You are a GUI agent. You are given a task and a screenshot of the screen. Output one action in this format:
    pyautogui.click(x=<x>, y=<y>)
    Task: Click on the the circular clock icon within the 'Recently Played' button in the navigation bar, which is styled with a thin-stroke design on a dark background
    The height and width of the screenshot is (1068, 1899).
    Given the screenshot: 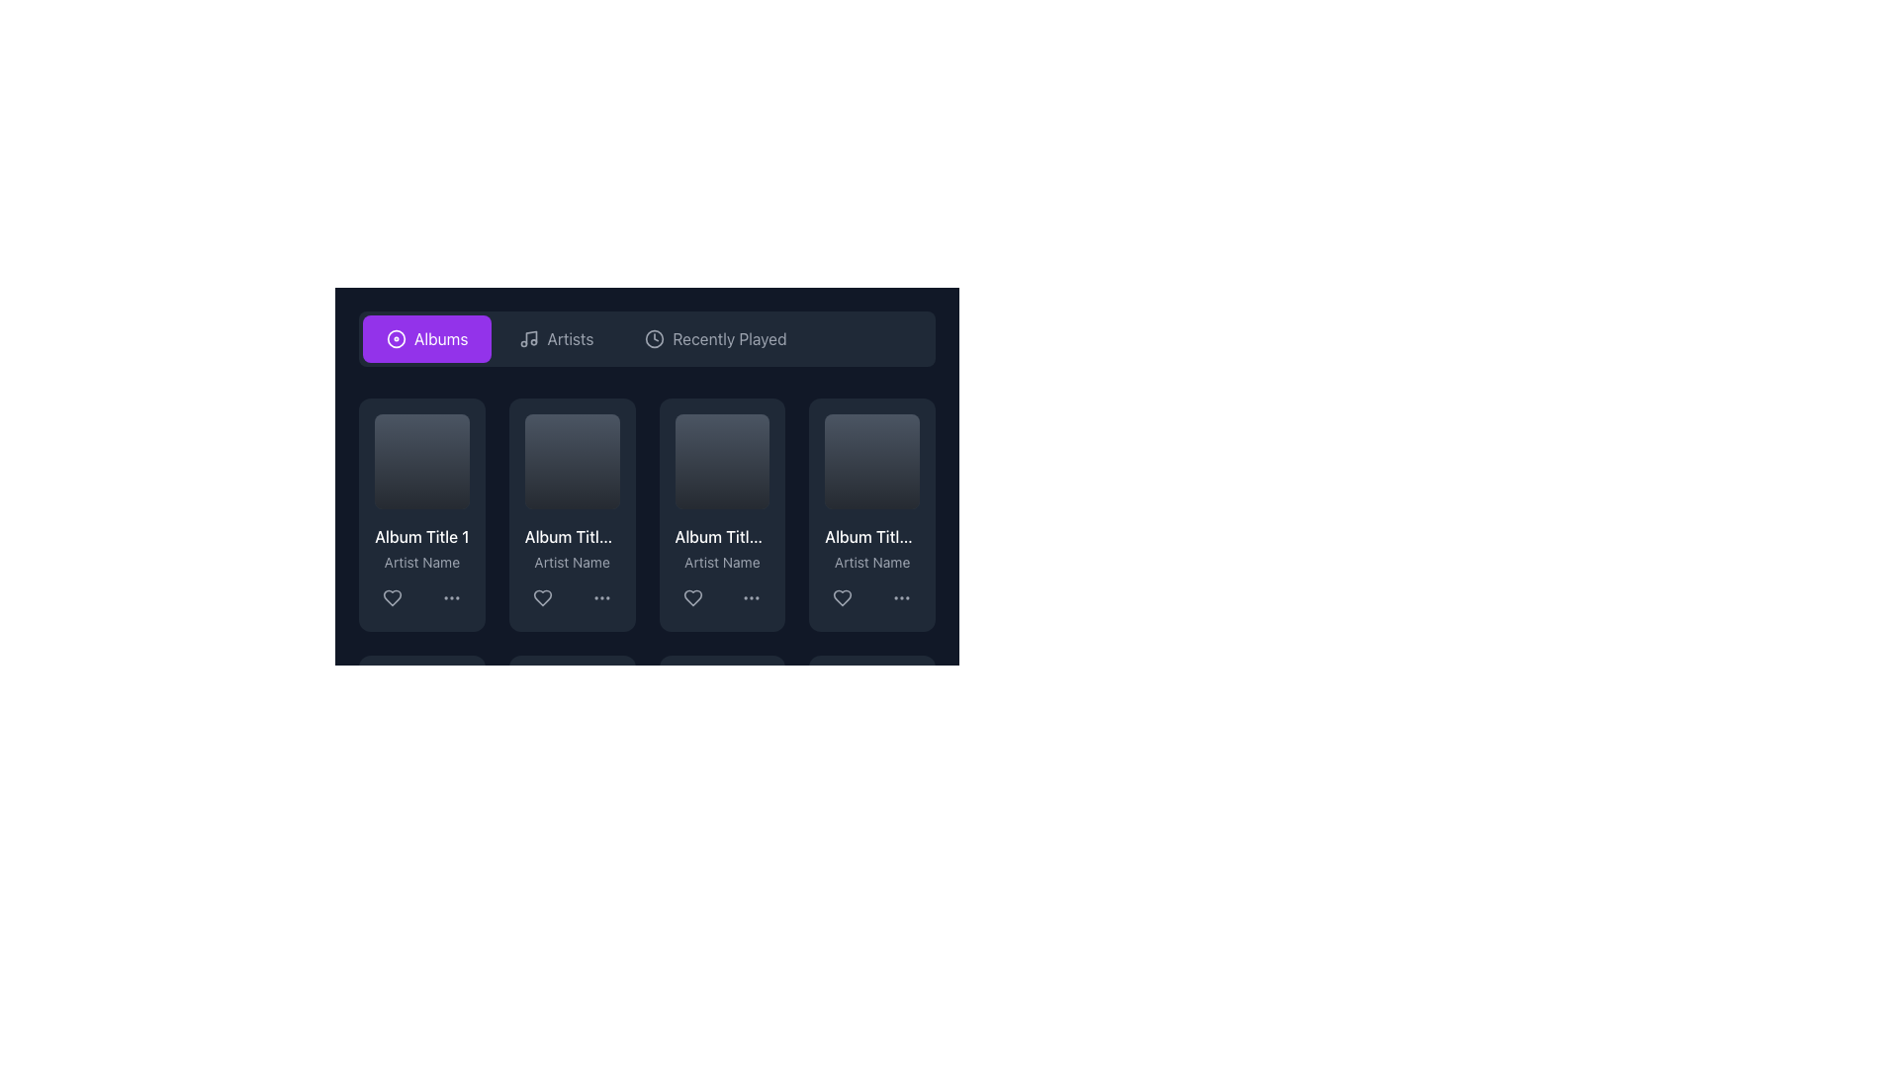 What is the action you would take?
    pyautogui.click(x=655, y=338)
    